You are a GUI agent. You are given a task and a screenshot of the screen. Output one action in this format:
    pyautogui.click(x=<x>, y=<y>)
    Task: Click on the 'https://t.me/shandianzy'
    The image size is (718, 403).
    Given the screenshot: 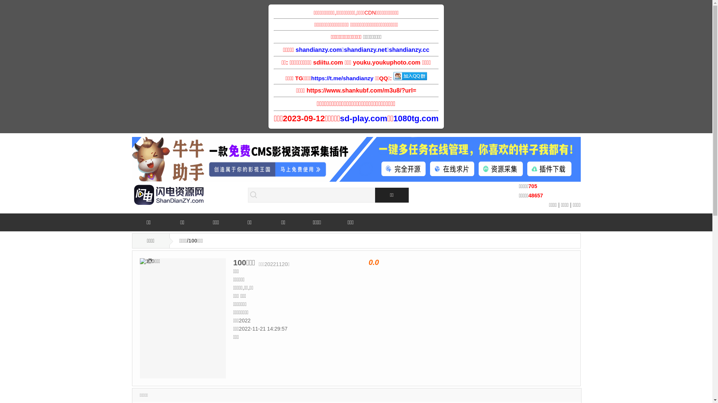 What is the action you would take?
    pyautogui.click(x=311, y=78)
    